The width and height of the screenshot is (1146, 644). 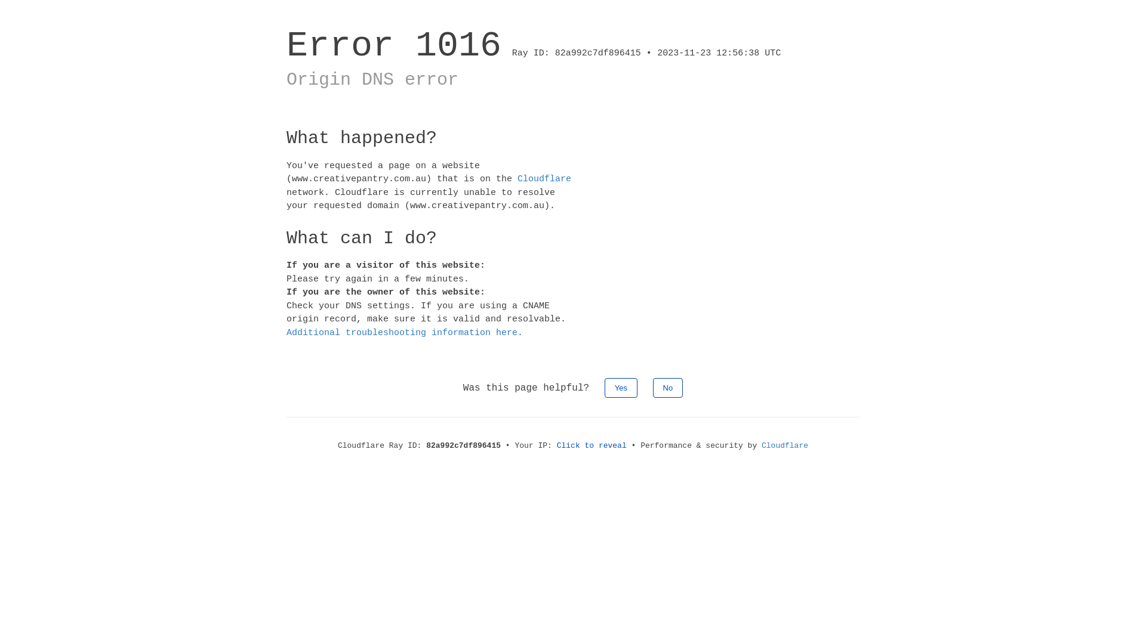 I want to click on 'Click to reveal', so click(x=592, y=445).